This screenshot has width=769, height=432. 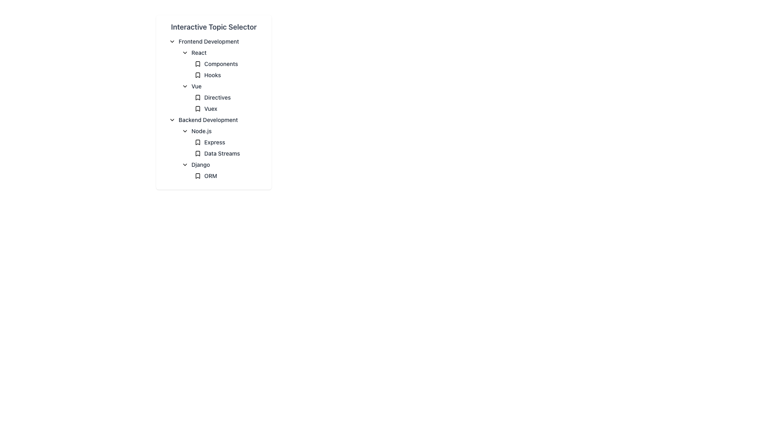 What do you see at coordinates (198, 63) in the screenshot?
I see `the bookmark icon located to the left of the 'Components' label in the 'React' category to interact with its attached function` at bounding box center [198, 63].